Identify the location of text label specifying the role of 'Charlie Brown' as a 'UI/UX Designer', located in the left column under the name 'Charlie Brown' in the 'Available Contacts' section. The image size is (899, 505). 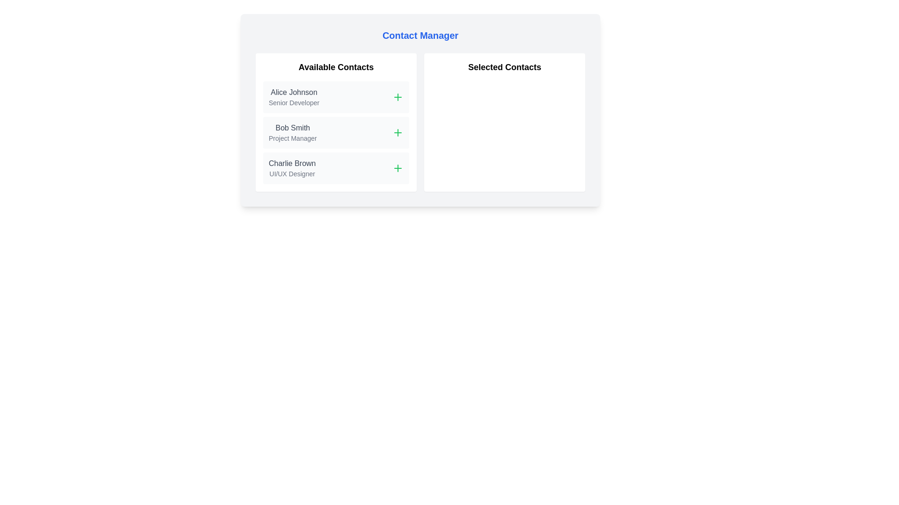
(292, 173).